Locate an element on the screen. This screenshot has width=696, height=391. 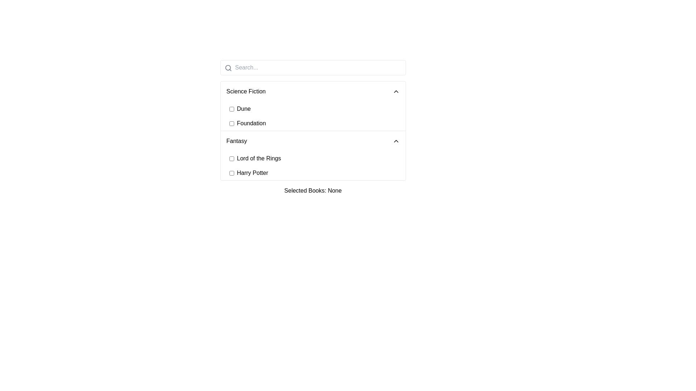
the checkbox is located at coordinates (231, 173).